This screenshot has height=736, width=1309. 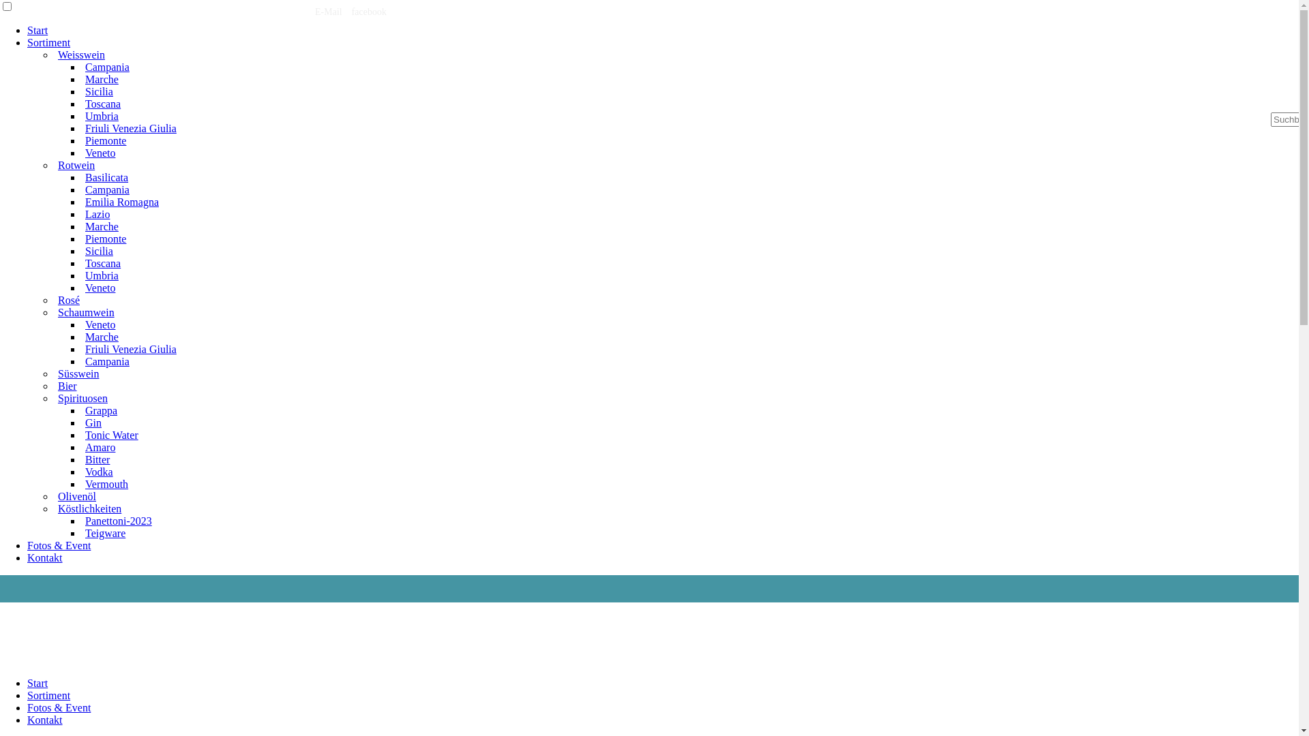 I want to click on 'facebook', so click(x=351, y=12).